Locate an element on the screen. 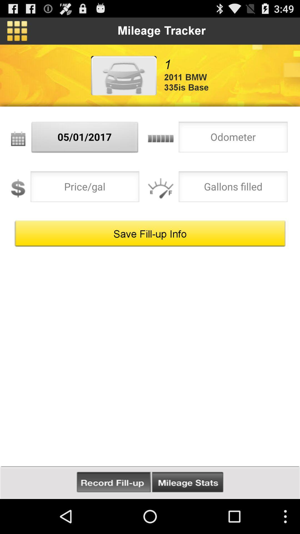  check mileage stats is located at coordinates (187, 482).